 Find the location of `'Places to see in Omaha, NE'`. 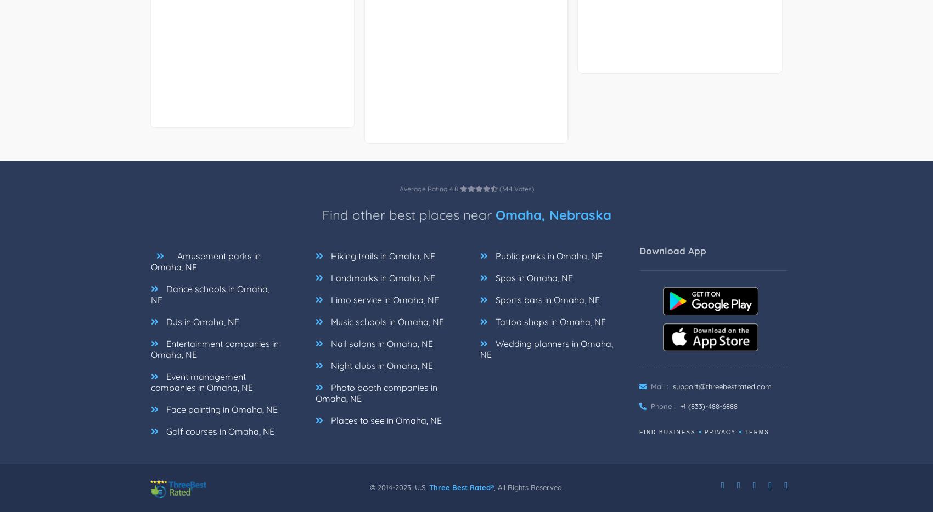

'Places to see in Omaha, NE' is located at coordinates (328, 420).